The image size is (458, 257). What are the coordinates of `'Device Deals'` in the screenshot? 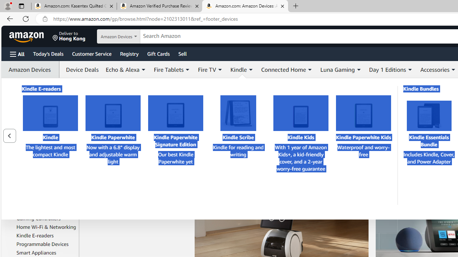 It's located at (80, 70).